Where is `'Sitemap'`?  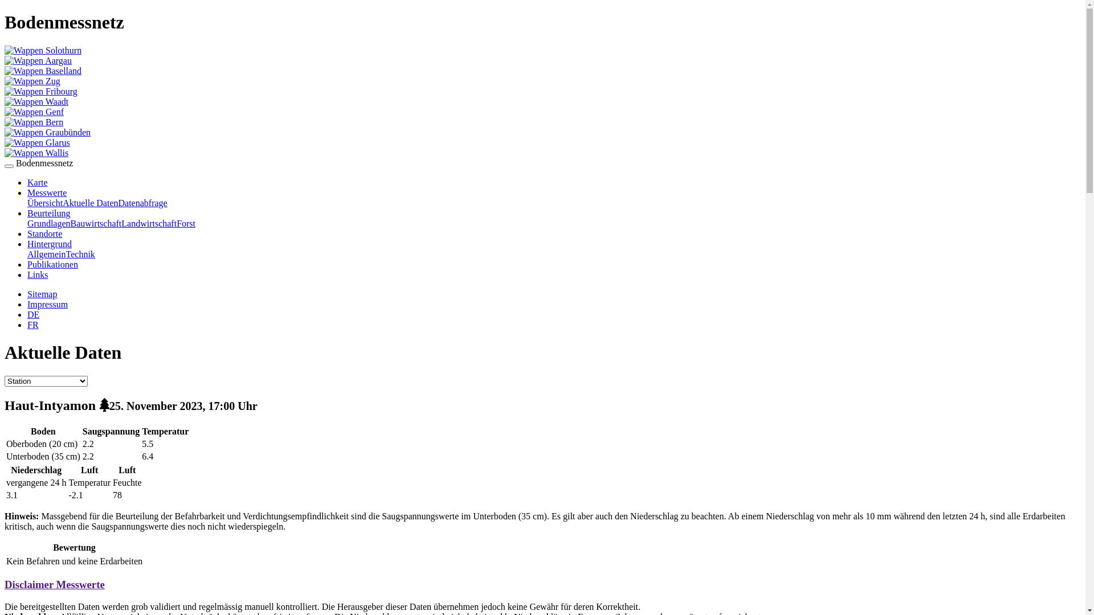 'Sitemap' is located at coordinates (42, 293).